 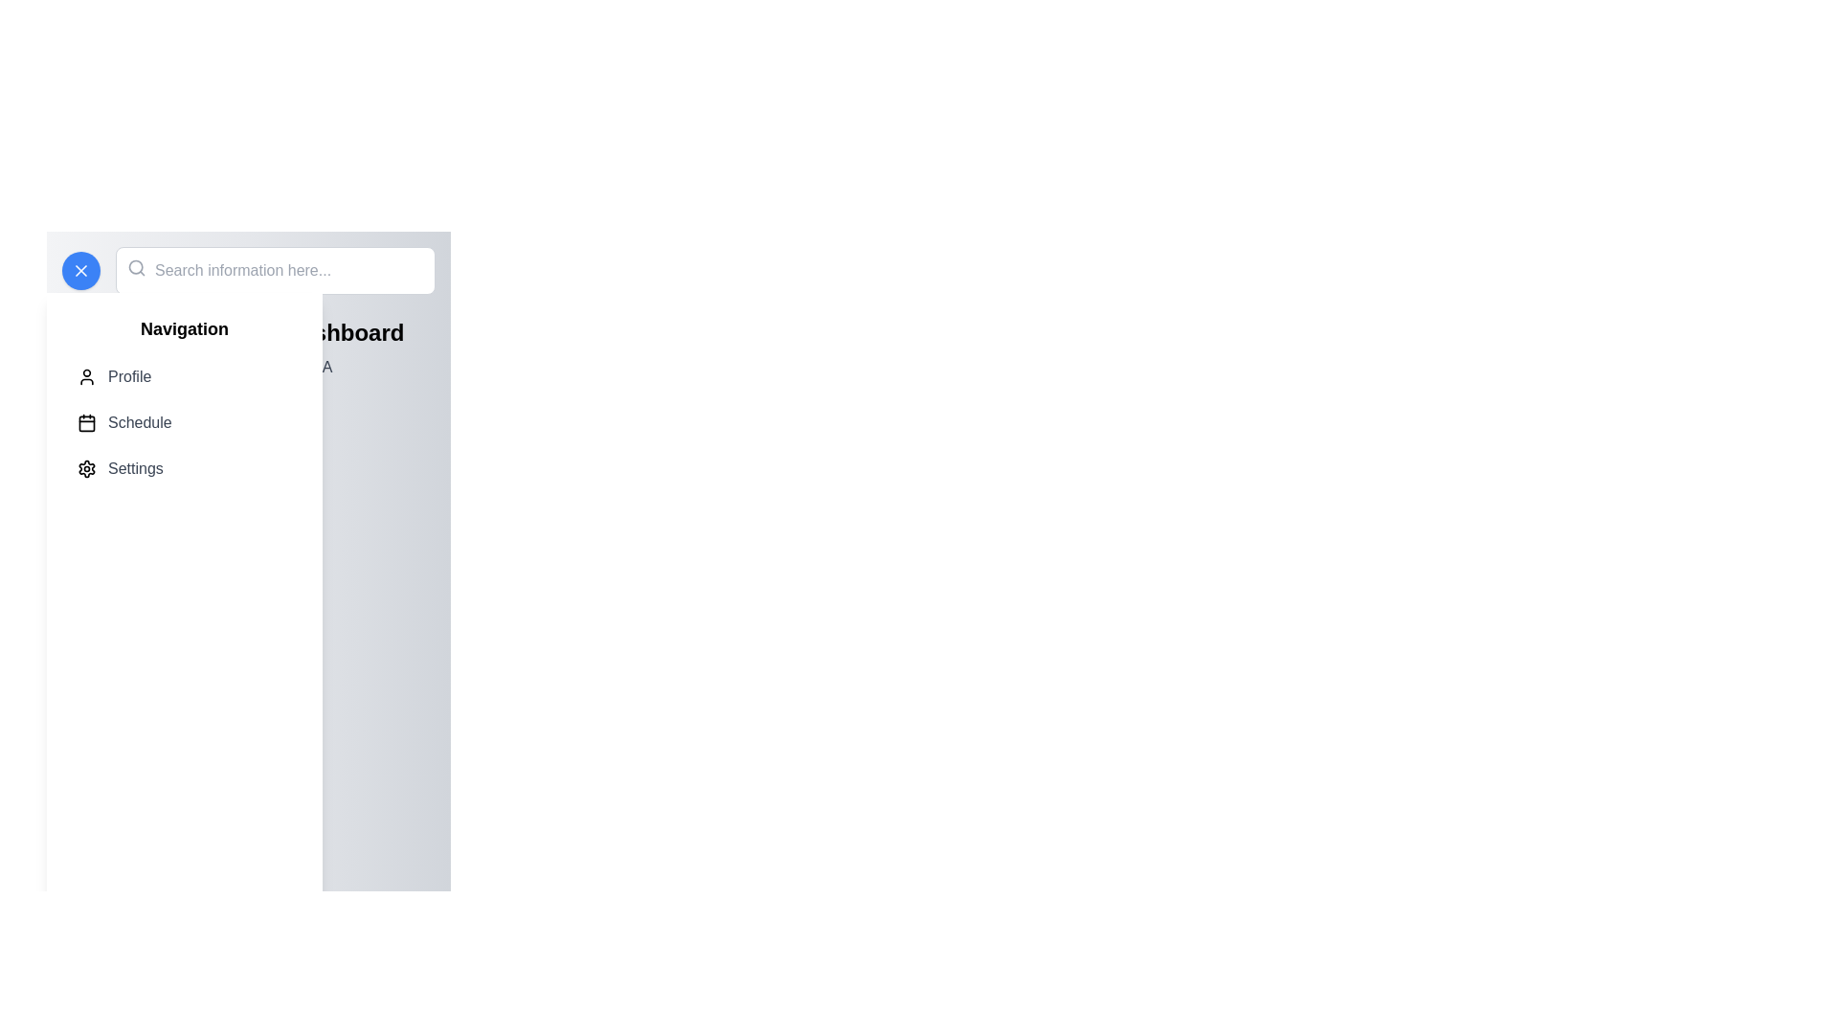 What do you see at coordinates (80, 270) in the screenshot?
I see `the cross mark icon located within a blue circular button in the top-left section of the interface` at bounding box center [80, 270].